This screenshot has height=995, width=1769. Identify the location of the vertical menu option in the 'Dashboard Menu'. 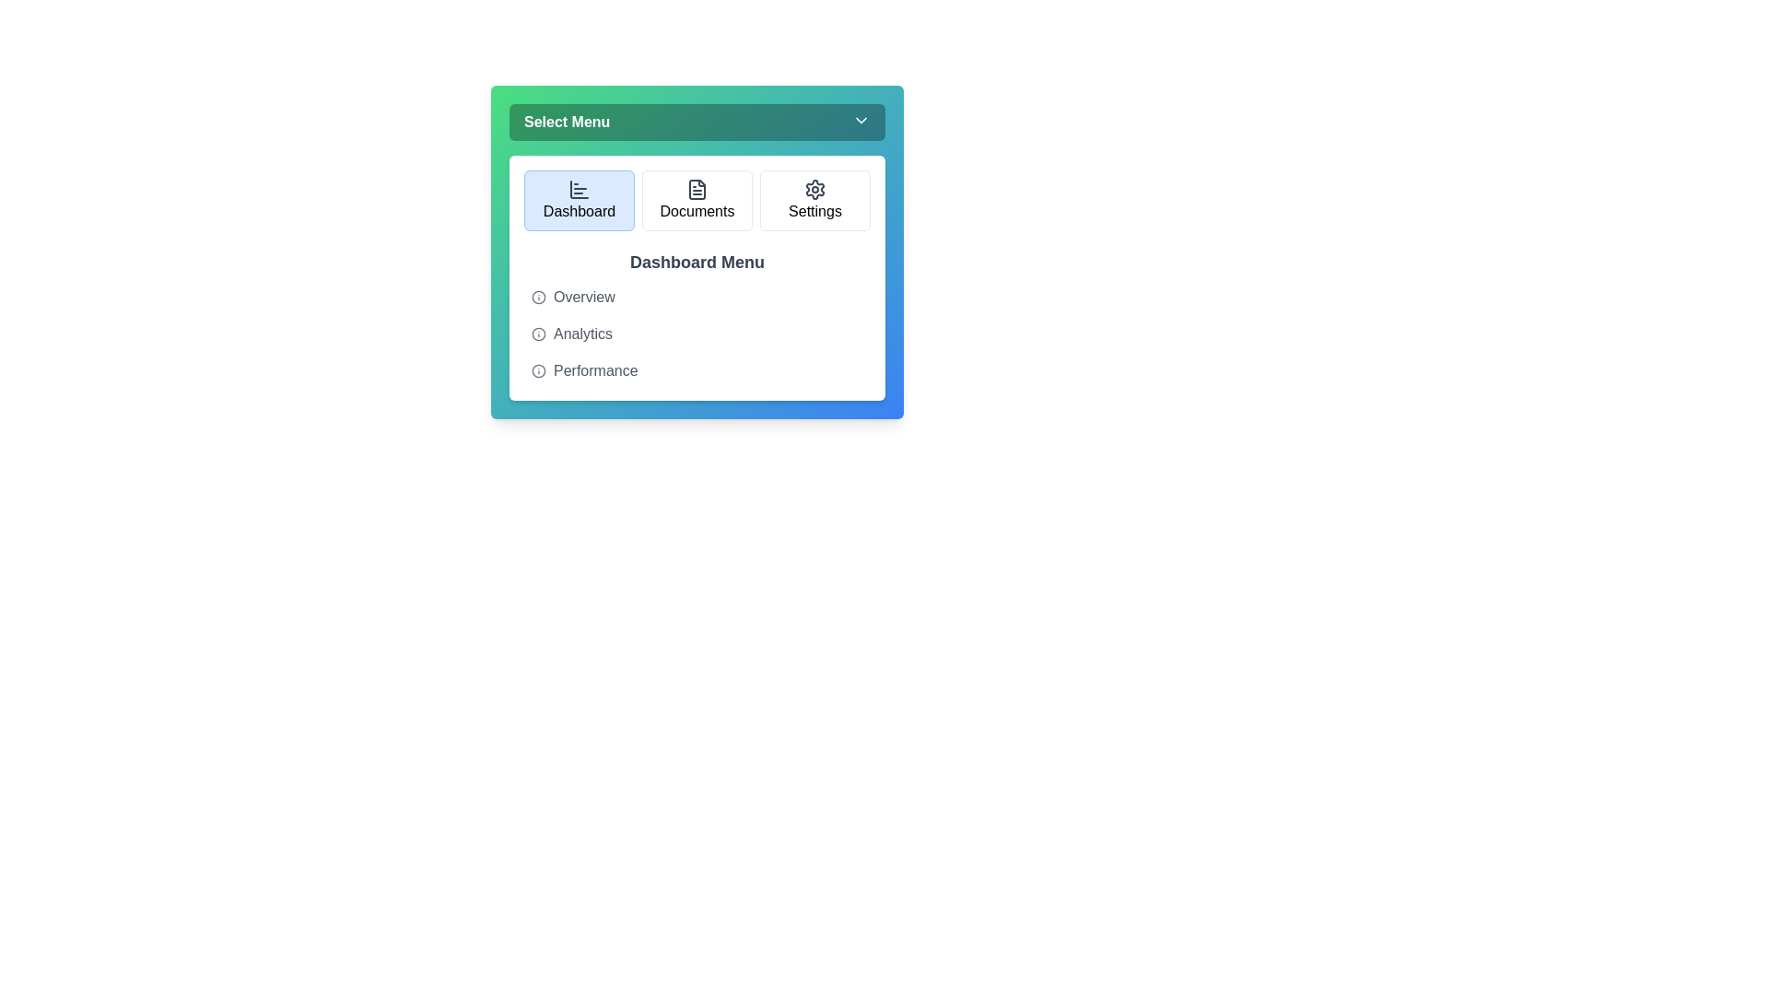
(697, 334).